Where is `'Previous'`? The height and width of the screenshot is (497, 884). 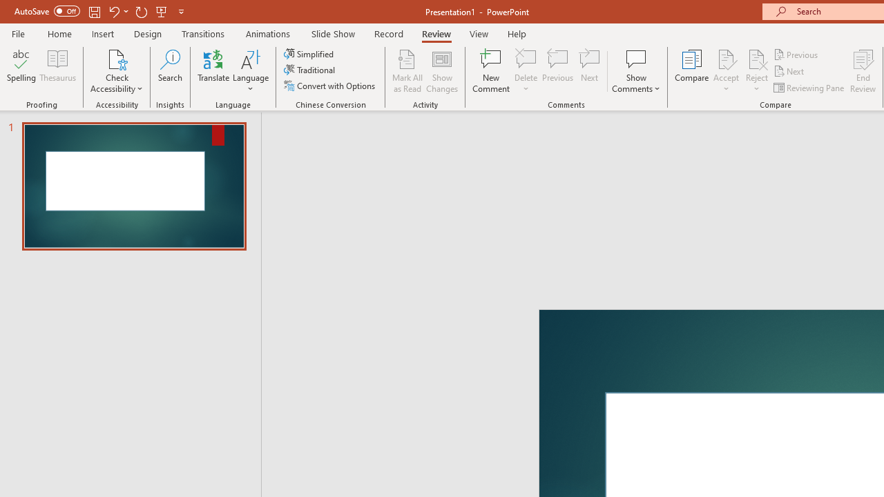
'Previous' is located at coordinates (796, 54).